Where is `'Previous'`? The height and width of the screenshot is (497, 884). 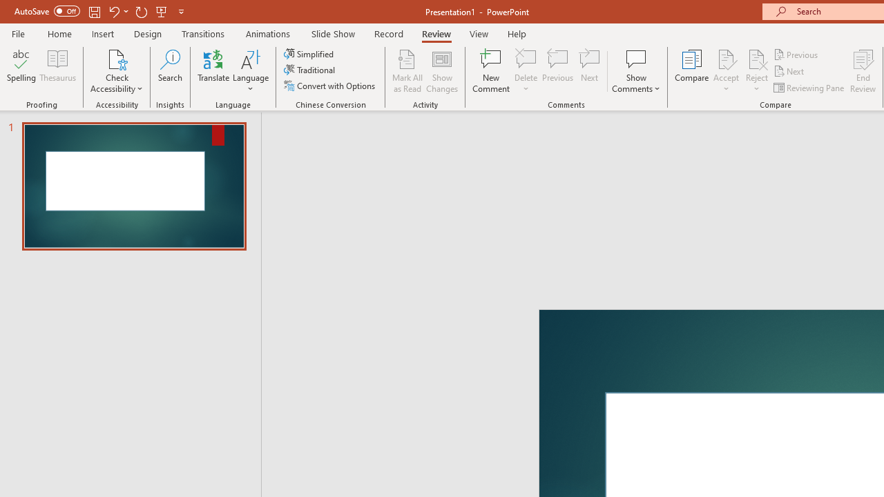
'Previous' is located at coordinates (796, 54).